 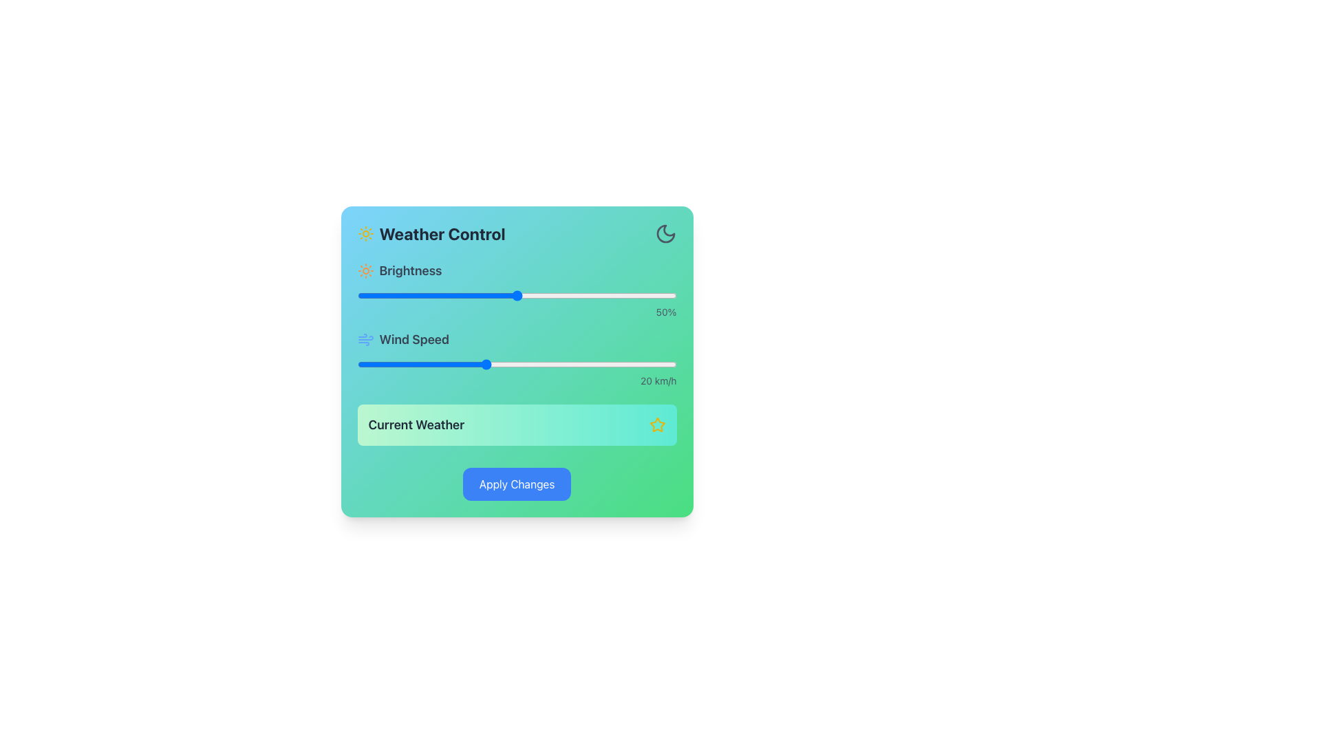 I want to click on brightness, so click(x=495, y=294).